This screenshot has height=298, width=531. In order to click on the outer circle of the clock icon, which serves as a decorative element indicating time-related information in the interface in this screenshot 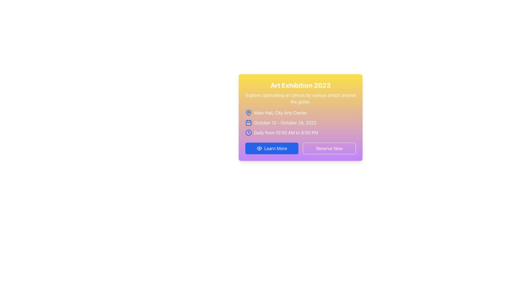, I will do `click(248, 133)`.